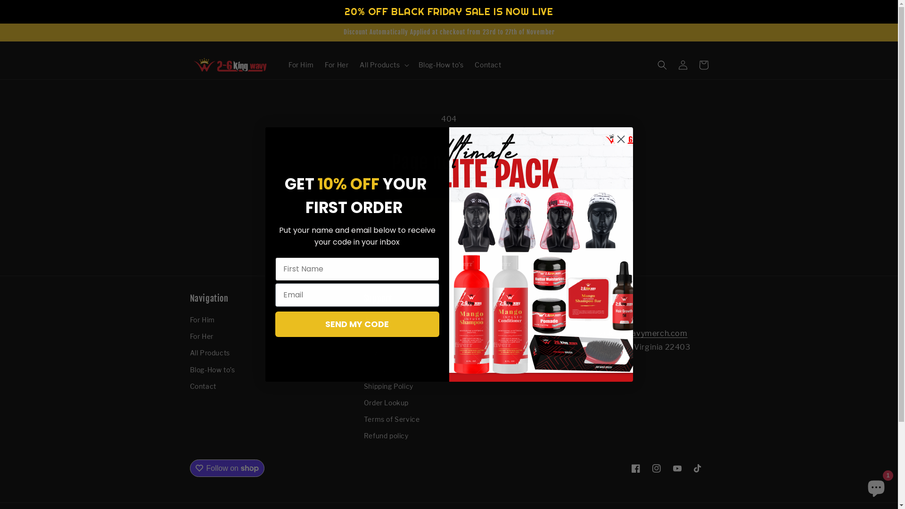 This screenshot has height=509, width=905. What do you see at coordinates (635, 468) in the screenshot?
I see `'Facebook'` at bounding box center [635, 468].